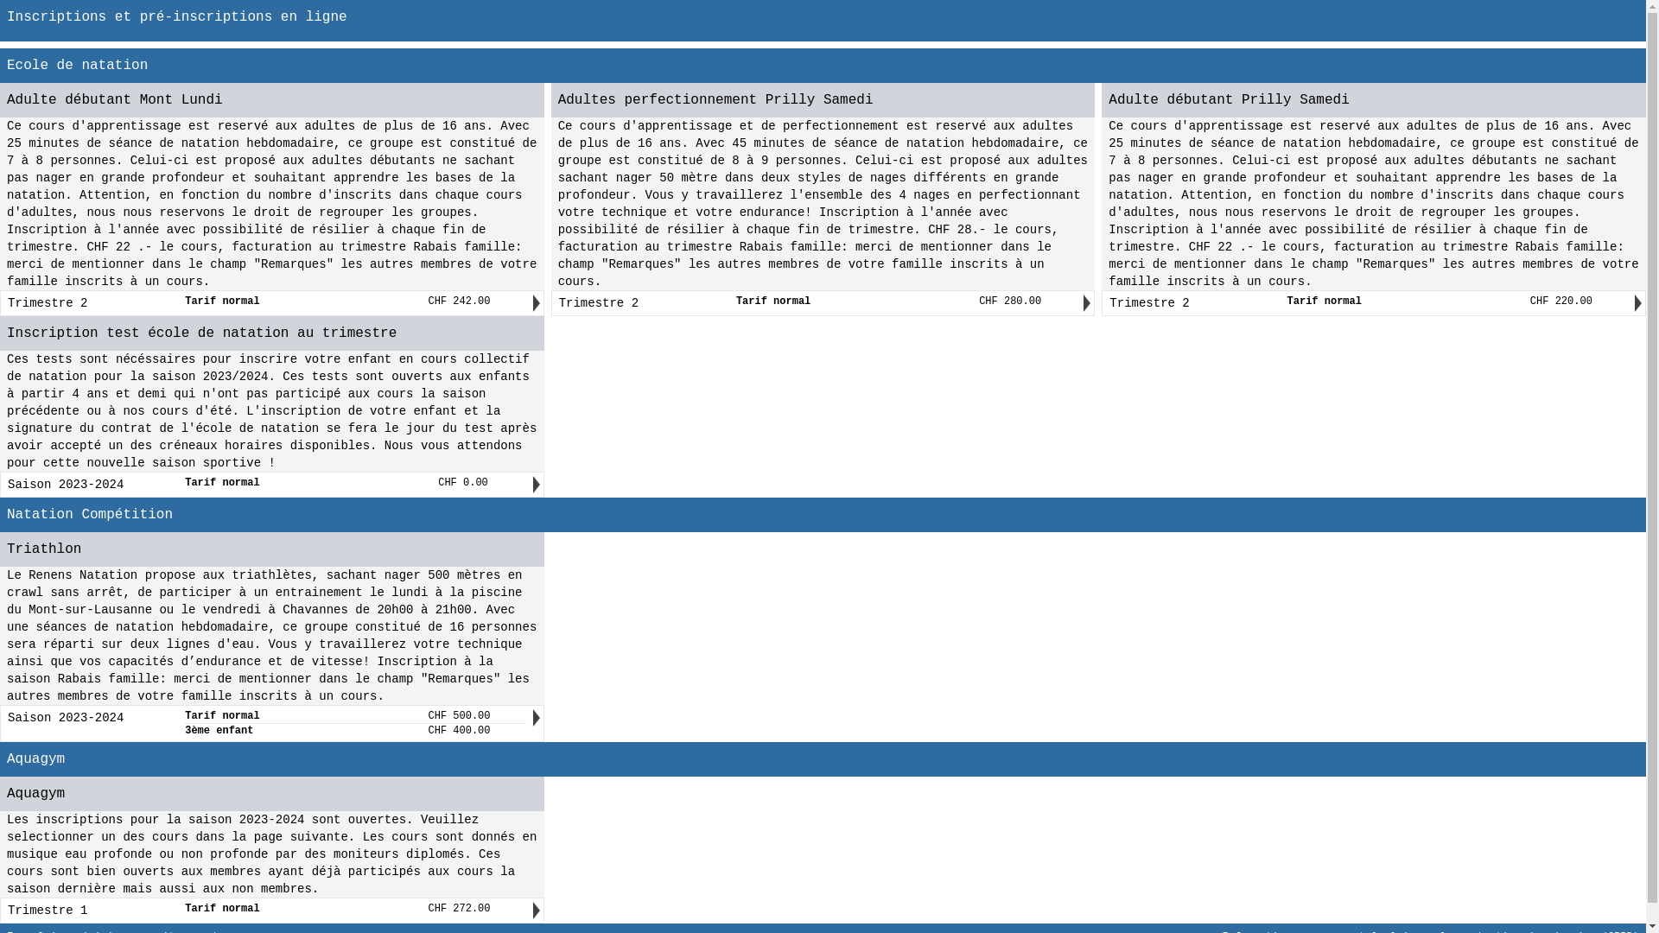 The image size is (1659, 933). Describe the element at coordinates (1368, 302) in the screenshot. I see `'Trimestre 2` at that location.